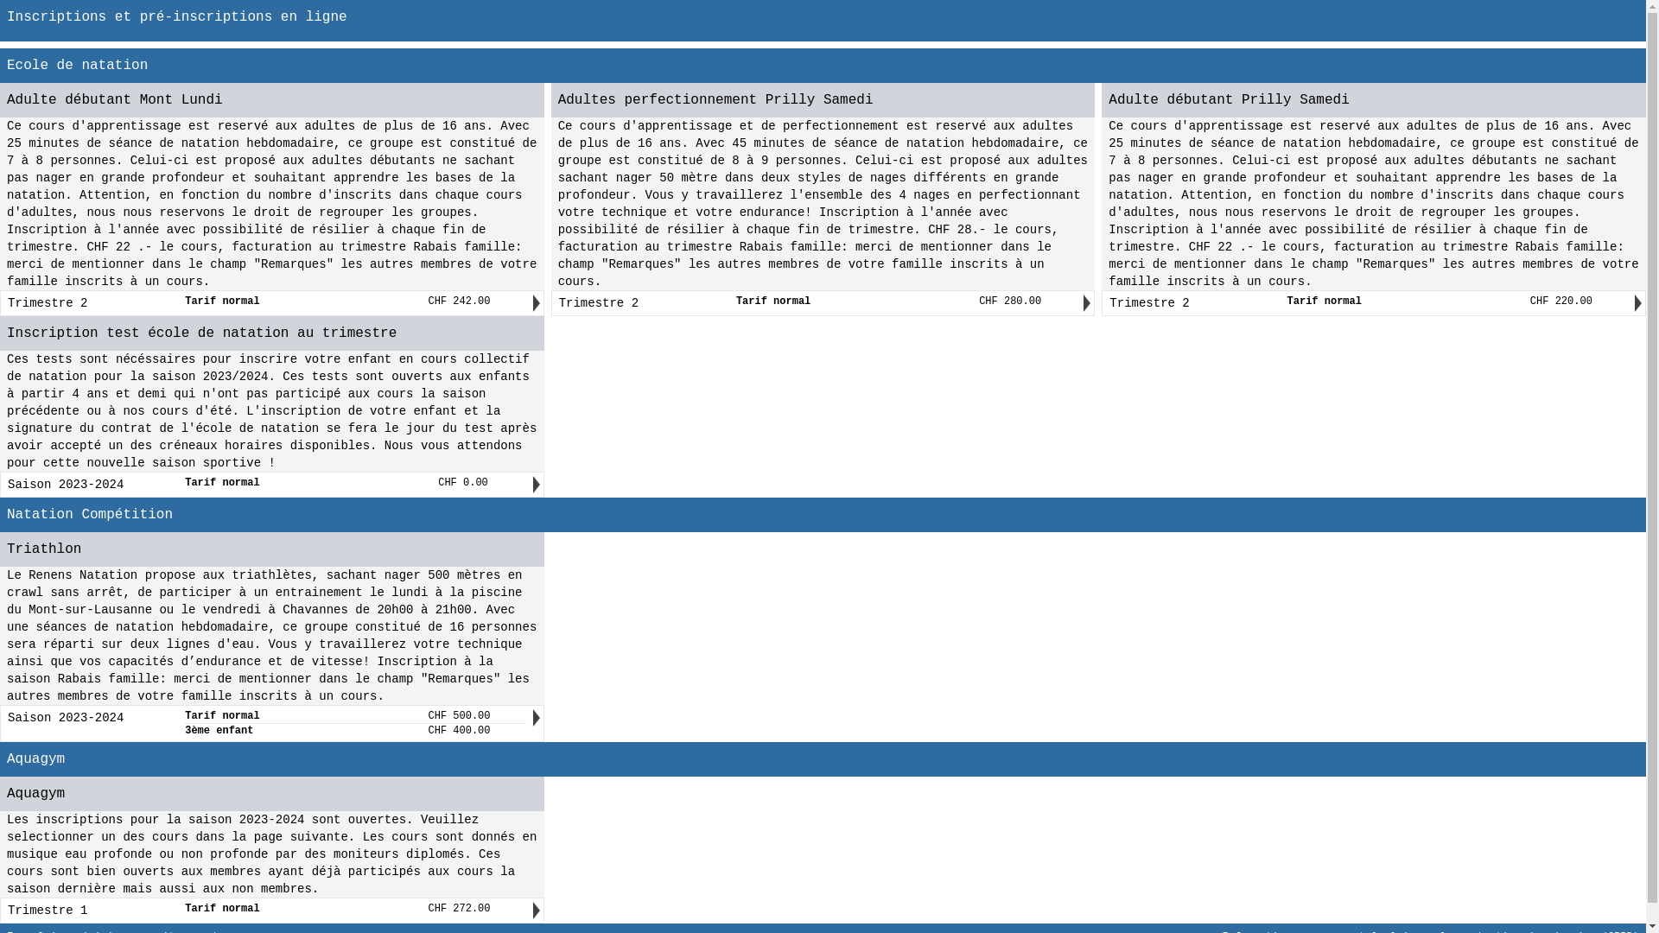 The image size is (1659, 933). Describe the element at coordinates (1368, 302) in the screenshot. I see `'Trimestre 2` at that location.